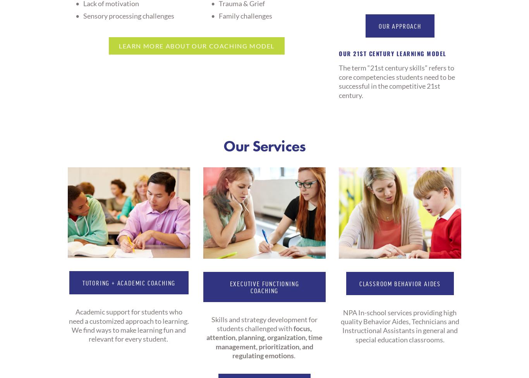 The image size is (529, 378). What do you see at coordinates (399, 26) in the screenshot?
I see `'our approach'` at bounding box center [399, 26].